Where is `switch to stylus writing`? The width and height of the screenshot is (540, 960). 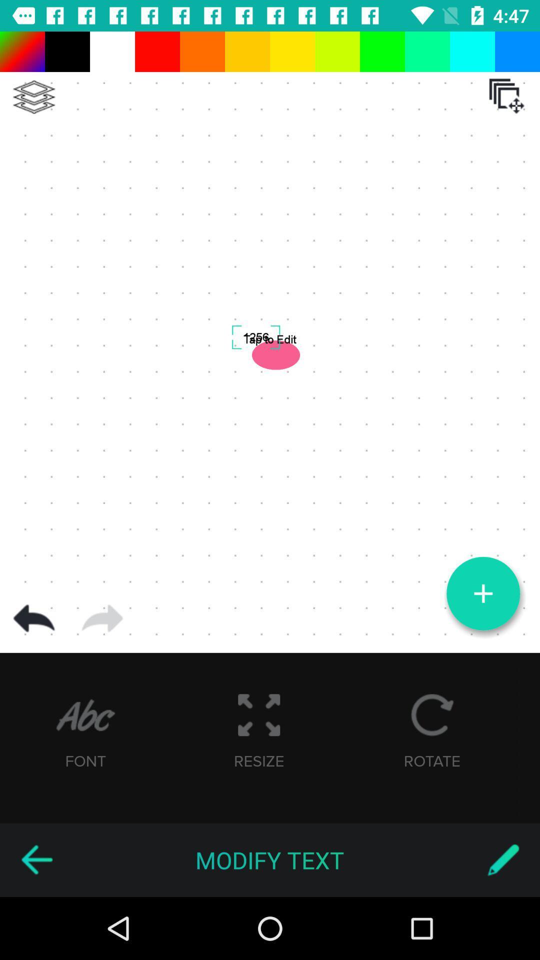 switch to stylus writing is located at coordinates (503, 859).